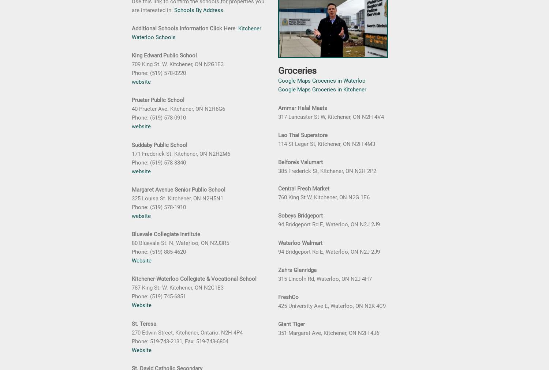 The height and width of the screenshot is (370, 549). Describe the element at coordinates (180, 243) in the screenshot. I see `'80 Bluevale St. N. Waterloo, ON N2J3R5'` at that location.